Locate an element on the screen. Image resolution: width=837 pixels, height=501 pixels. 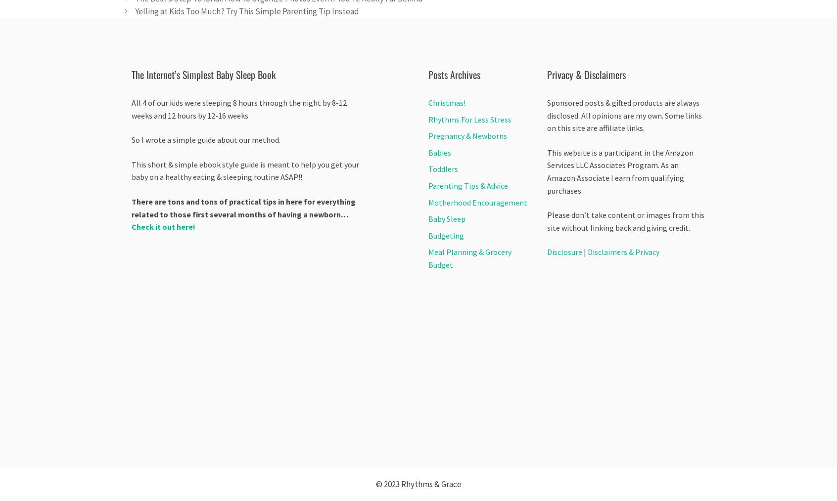
'Please don’t take content or images from this site without linking back and giving credit.' is located at coordinates (625, 221).